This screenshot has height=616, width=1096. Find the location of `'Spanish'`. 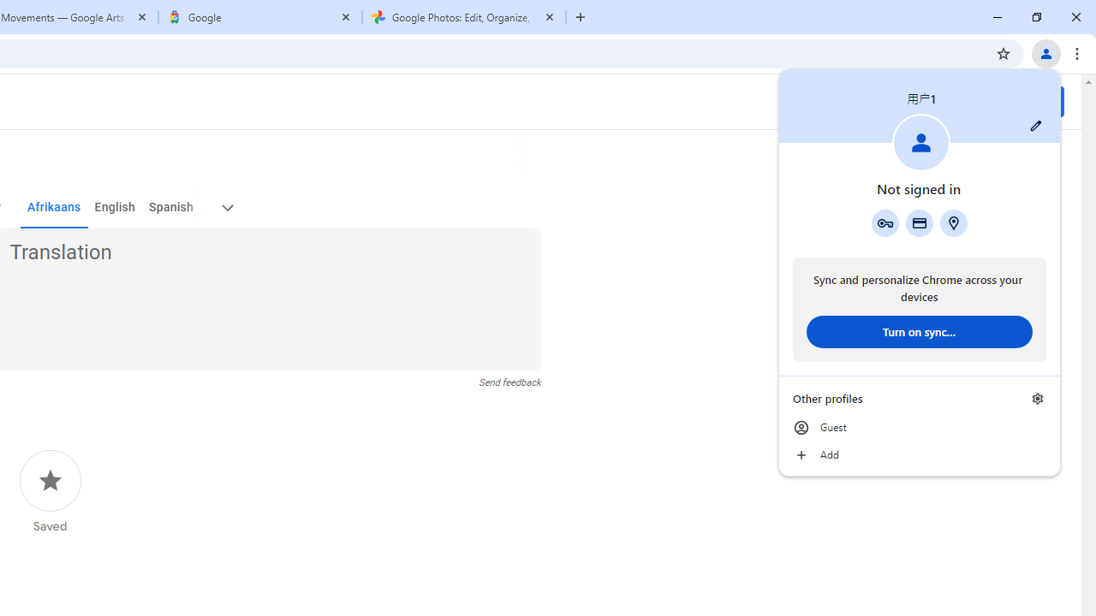

'Spanish' is located at coordinates (170, 207).